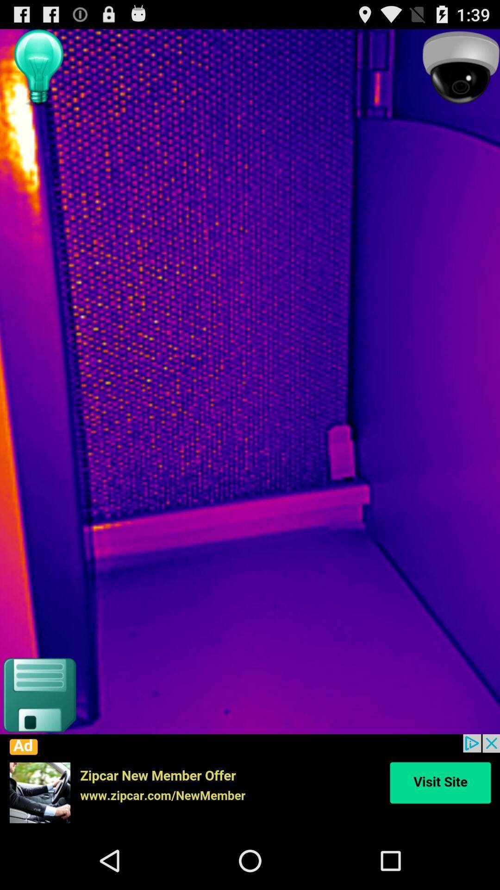  I want to click on clicks camera, so click(461, 68).